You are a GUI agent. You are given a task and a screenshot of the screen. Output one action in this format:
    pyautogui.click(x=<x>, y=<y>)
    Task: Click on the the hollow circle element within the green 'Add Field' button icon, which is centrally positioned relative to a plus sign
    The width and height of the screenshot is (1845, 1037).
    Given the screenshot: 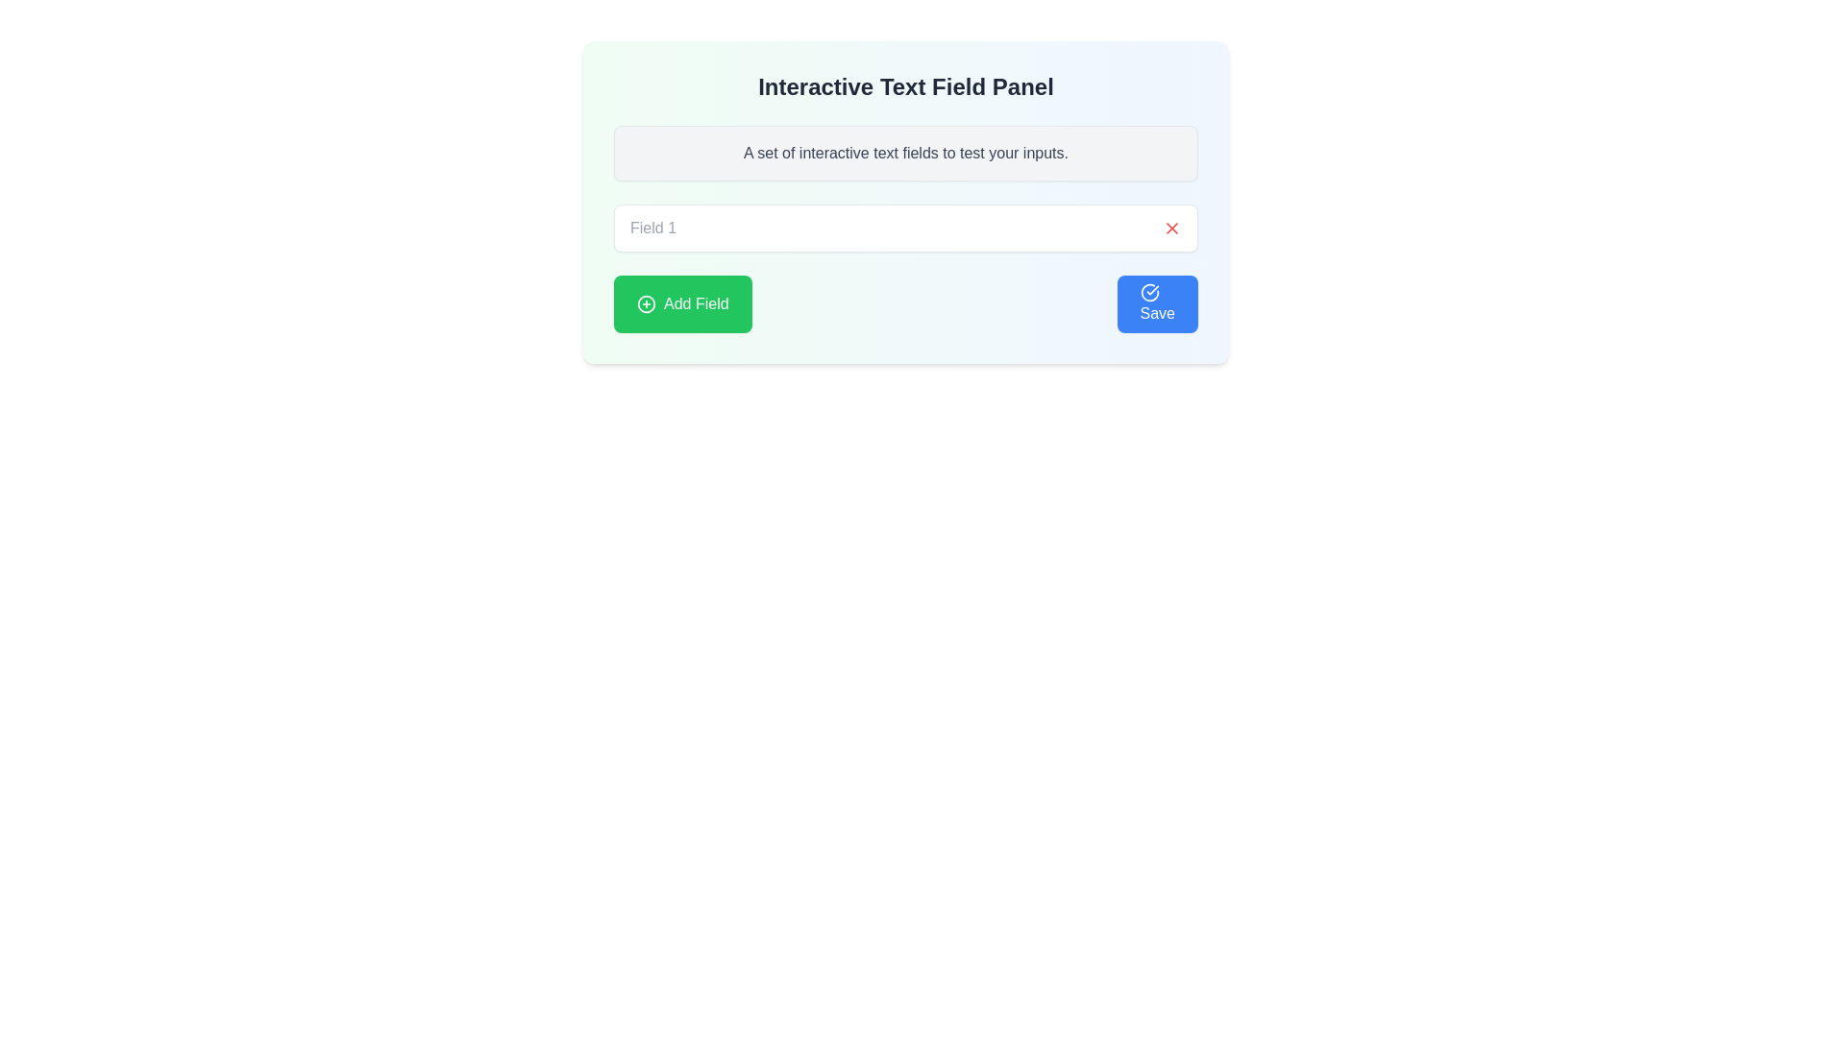 What is the action you would take?
    pyautogui.click(x=646, y=302)
    